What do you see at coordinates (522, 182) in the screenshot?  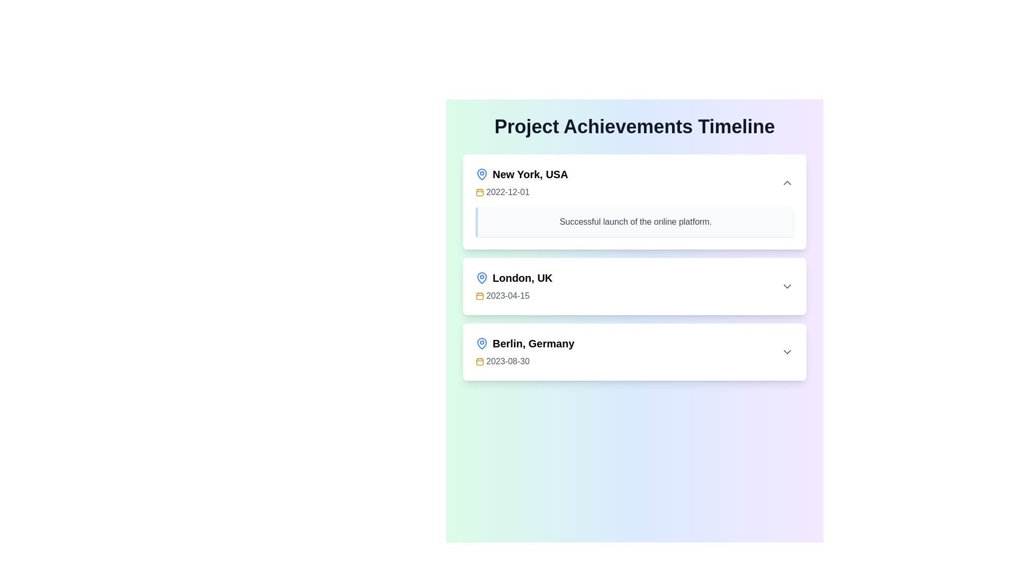 I see `the icons located at the topmost entry of the 'Project Achievements Timeline' milestone list to interact with them` at bounding box center [522, 182].